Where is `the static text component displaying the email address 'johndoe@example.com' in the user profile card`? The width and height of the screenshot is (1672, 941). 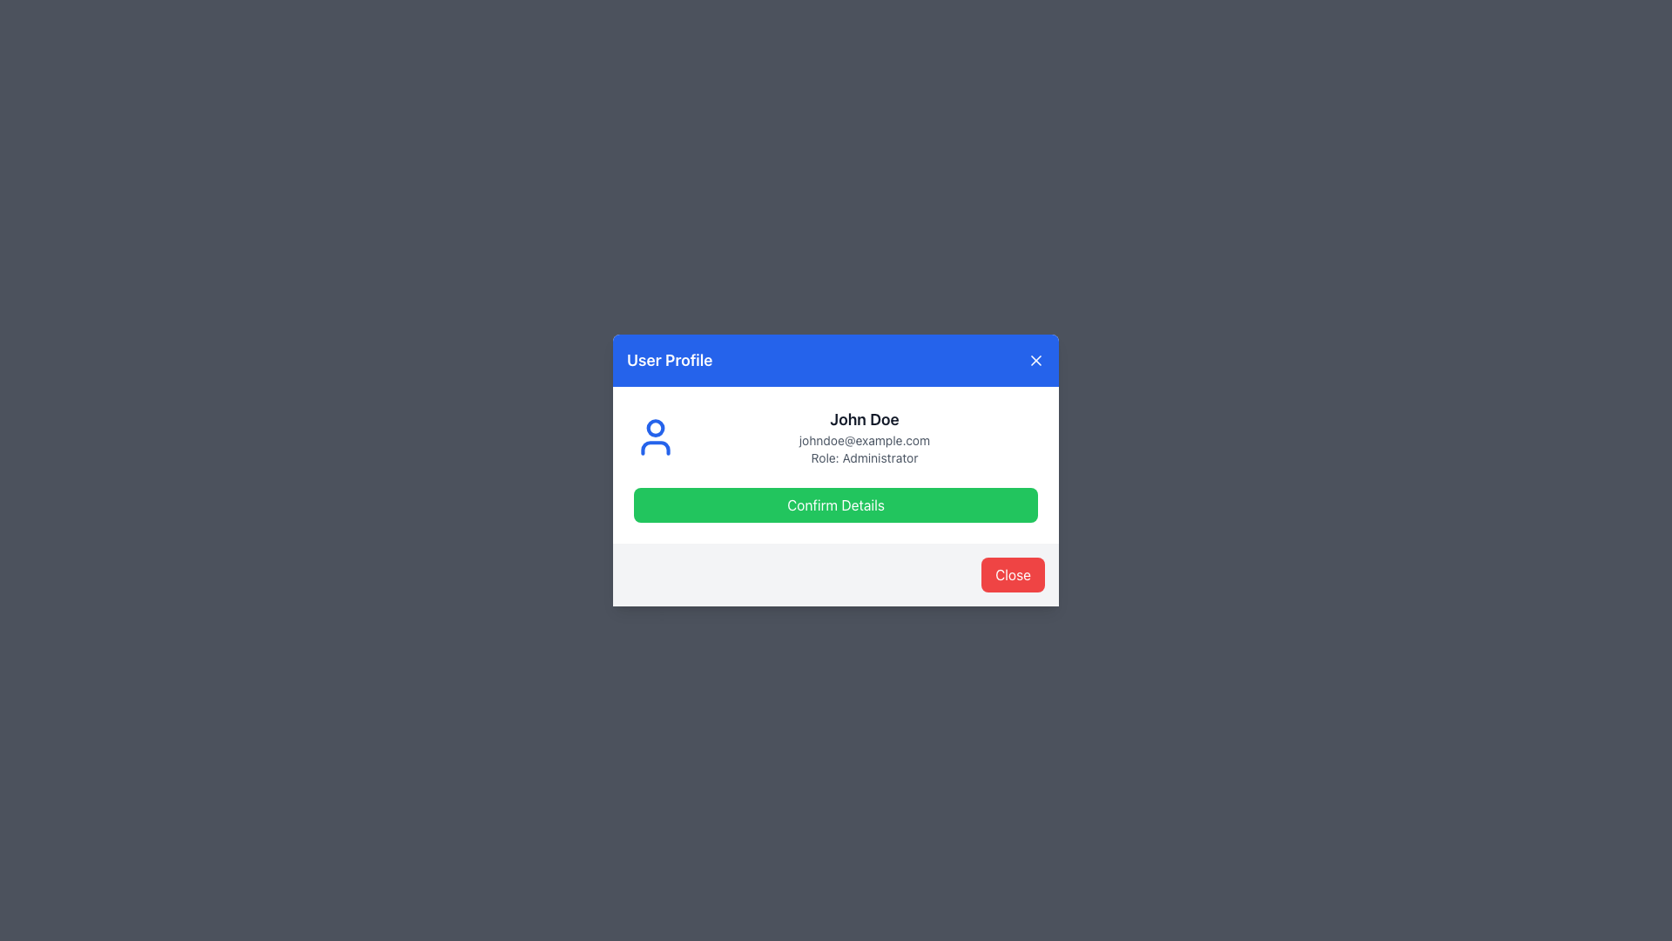
the static text component displaying the email address 'johndoe@example.com' in the user profile card is located at coordinates (865, 439).